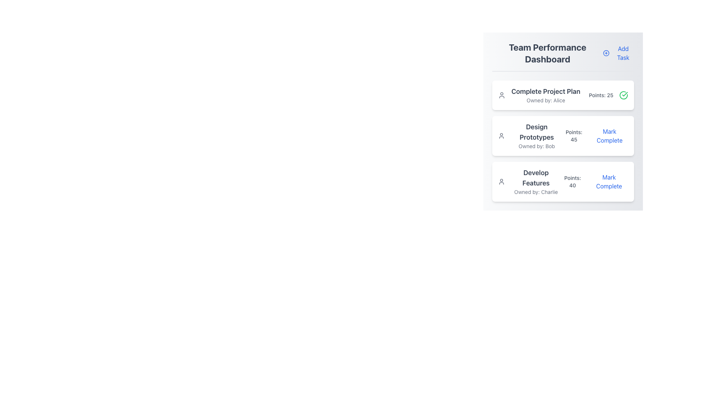 The width and height of the screenshot is (709, 399). I want to click on the small gray user icon, which is a circular head and shoulders outline, located to the left of the 'Design Prototypes' text, so click(501, 136).